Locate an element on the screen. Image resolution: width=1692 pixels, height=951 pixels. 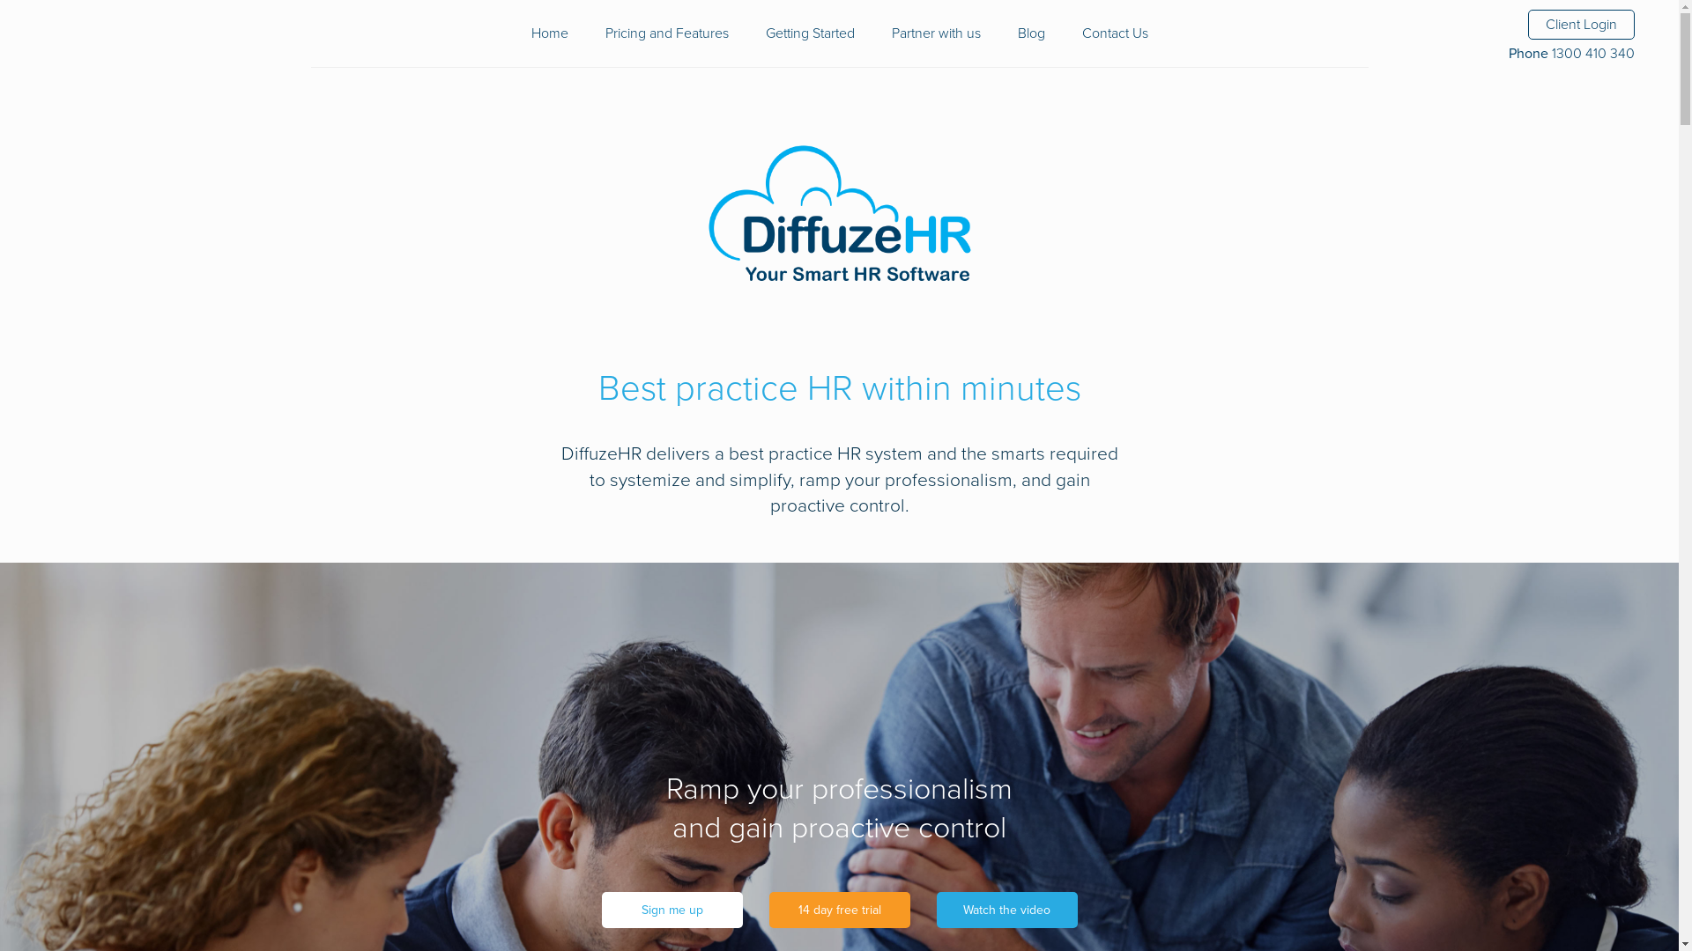
'Client Login' is located at coordinates (1581, 24).